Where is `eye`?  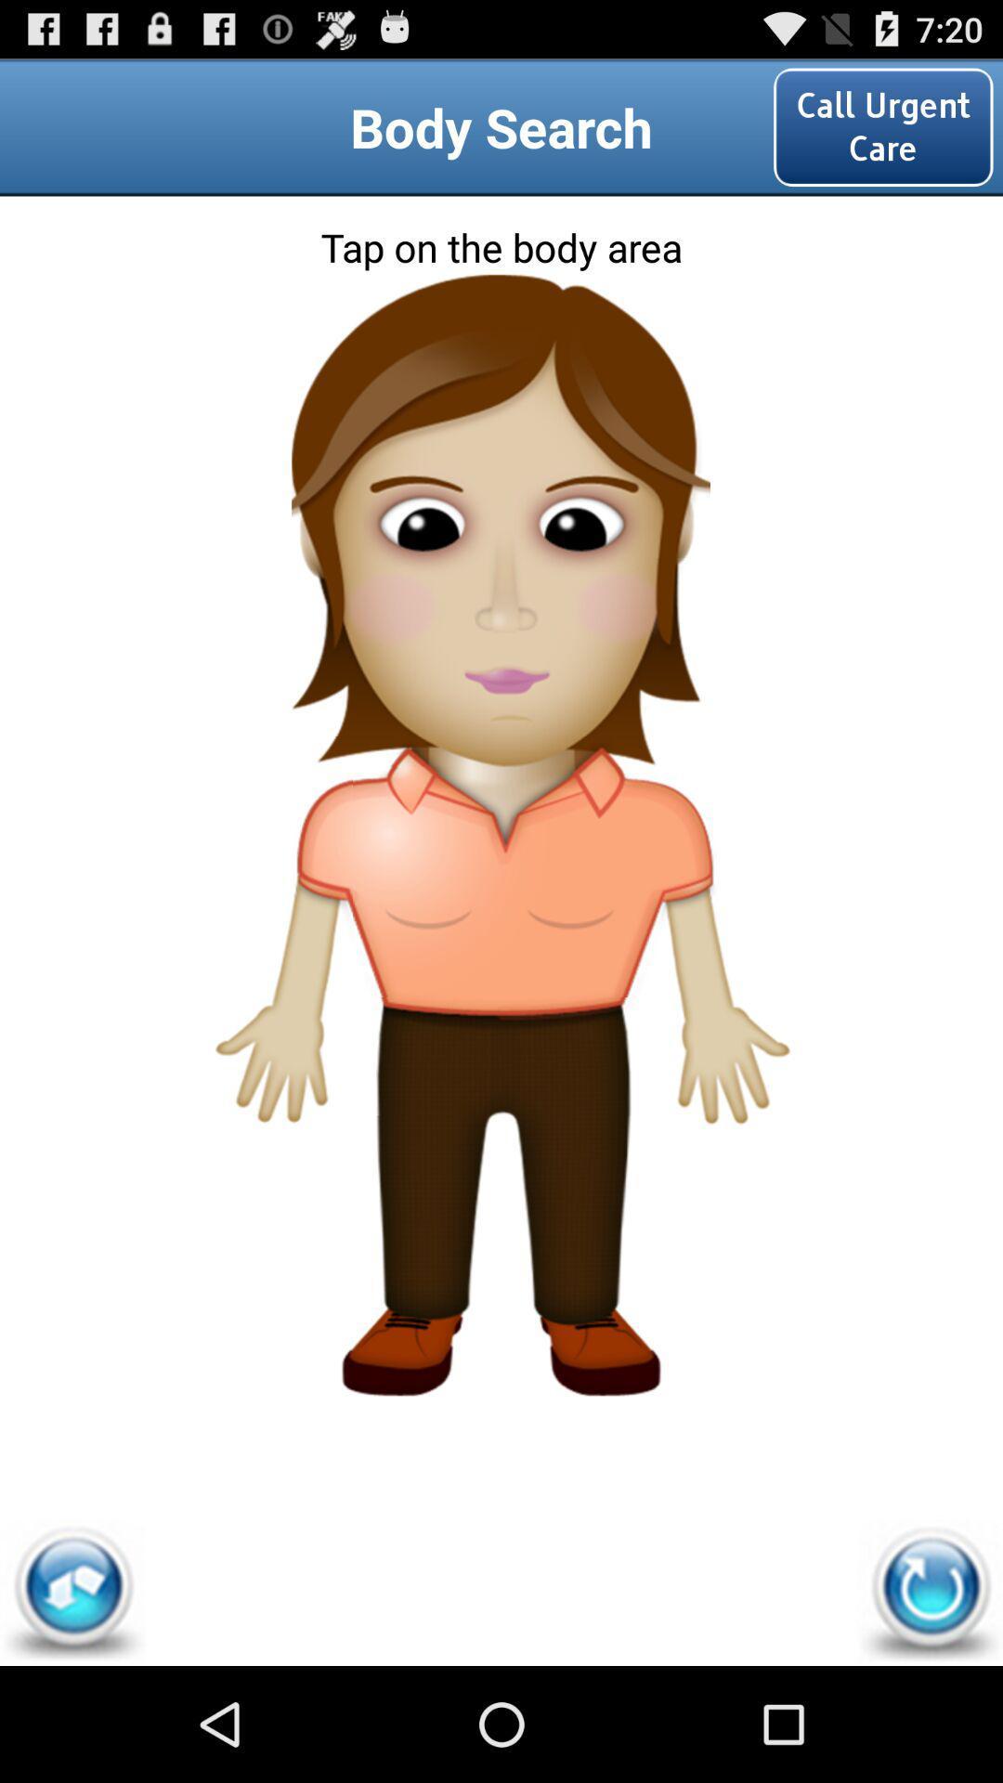 eye is located at coordinates (500, 498).